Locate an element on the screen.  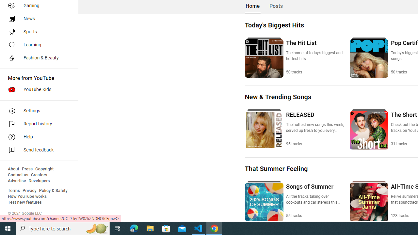
'Copyright' is located at coordinates (44, 169).